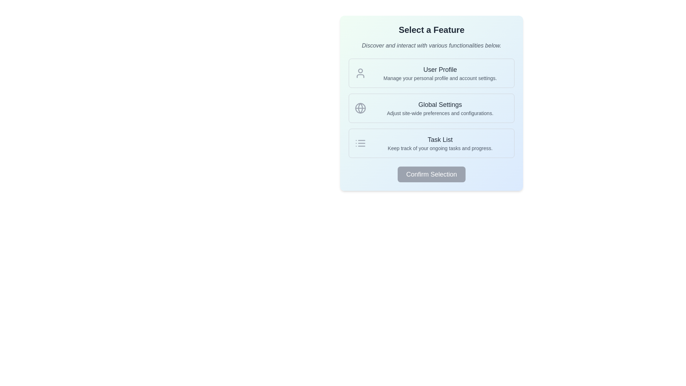 Image resolution: width=686 pixels, height=386 pixels. Describe the element at coordinates (440, 105) in the screenshot. I see `the 'Global Settings' text label, which serves as a title identifying the section for site-wide preferences and configurations` at that location.